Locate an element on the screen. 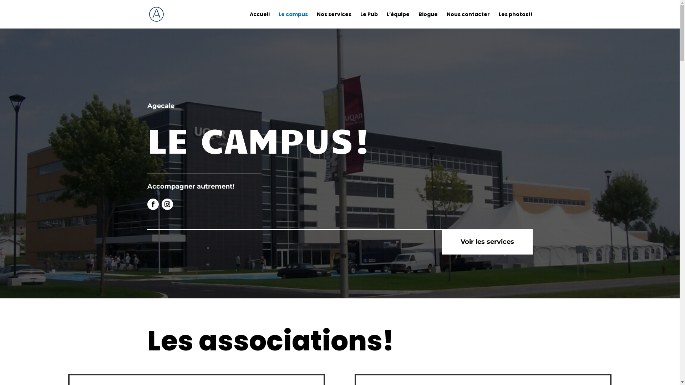  'Blogue' is located at coordinates (428, 20).